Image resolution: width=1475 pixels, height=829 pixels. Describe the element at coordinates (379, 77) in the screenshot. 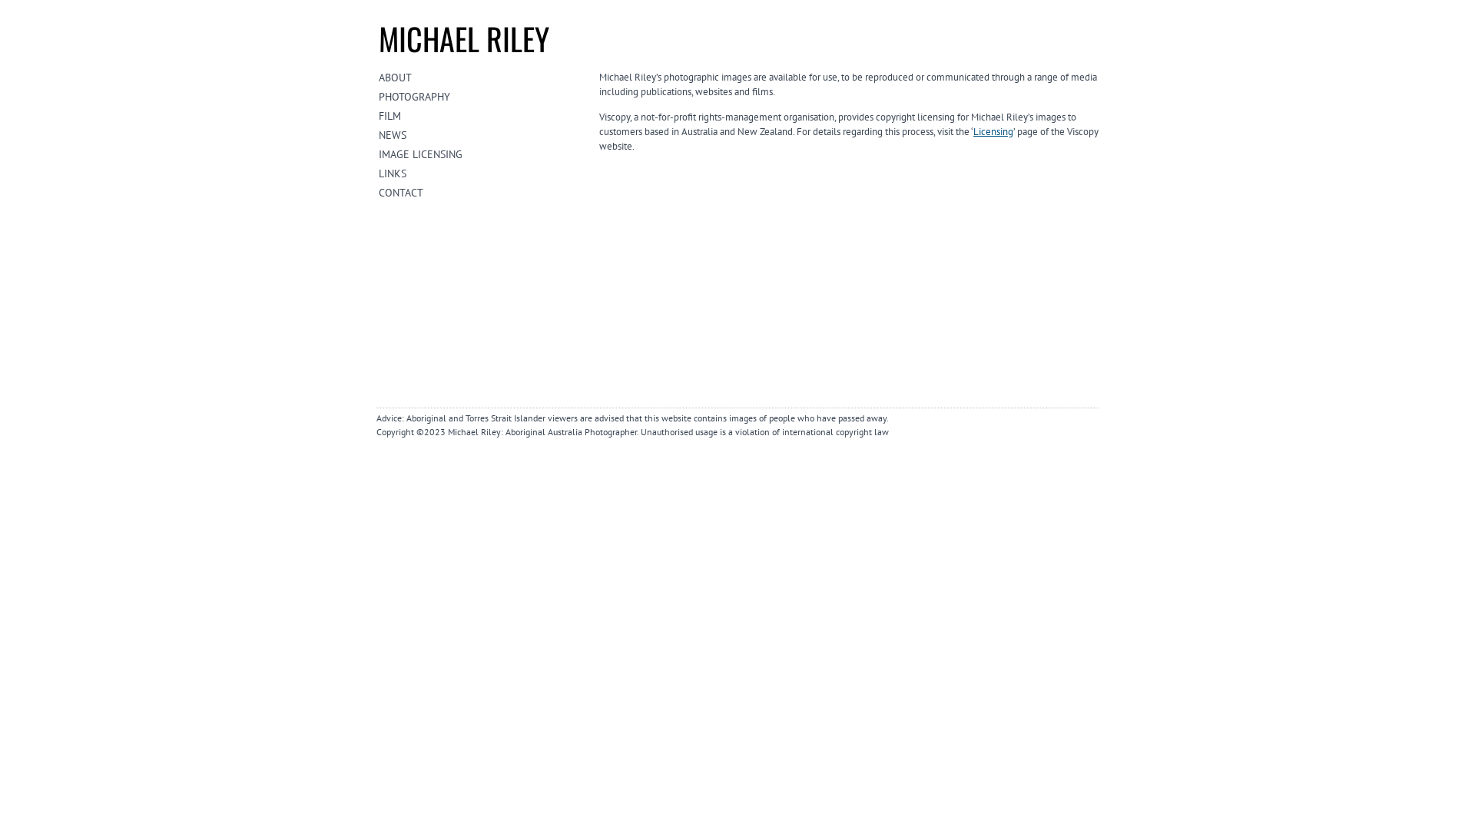

I see `'ABOUT'` at that location.